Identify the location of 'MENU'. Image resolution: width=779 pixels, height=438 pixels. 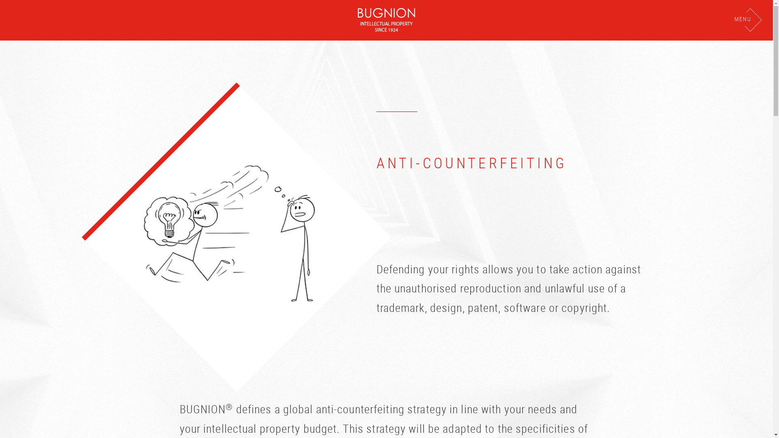
(732, 19).